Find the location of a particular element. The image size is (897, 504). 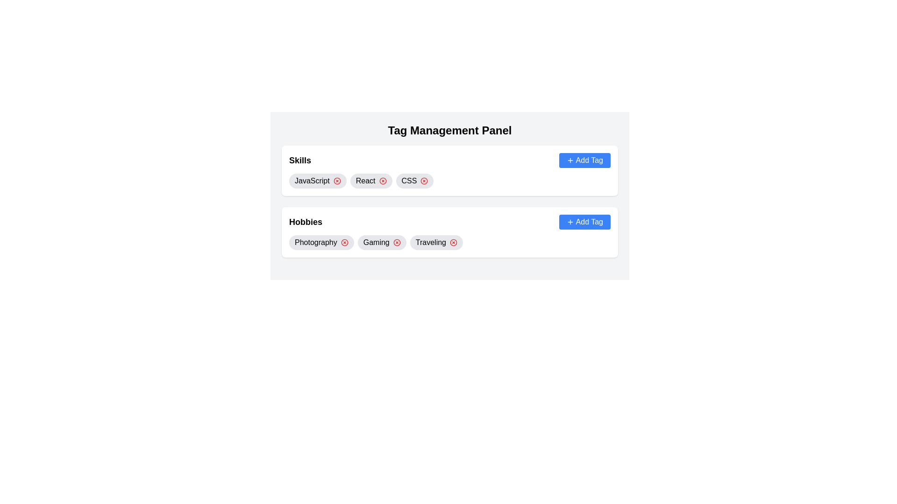

the rounded rectangular tag labeled 'CSS' with a removal button is located at coordinates (414, 181).